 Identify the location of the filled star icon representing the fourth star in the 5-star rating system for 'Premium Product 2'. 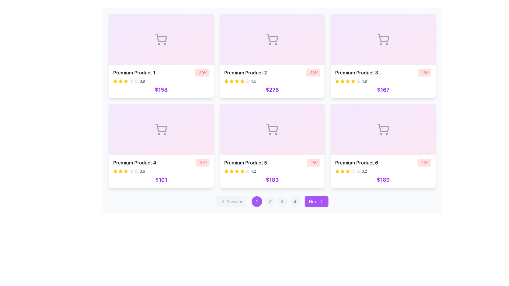
(236, 81).